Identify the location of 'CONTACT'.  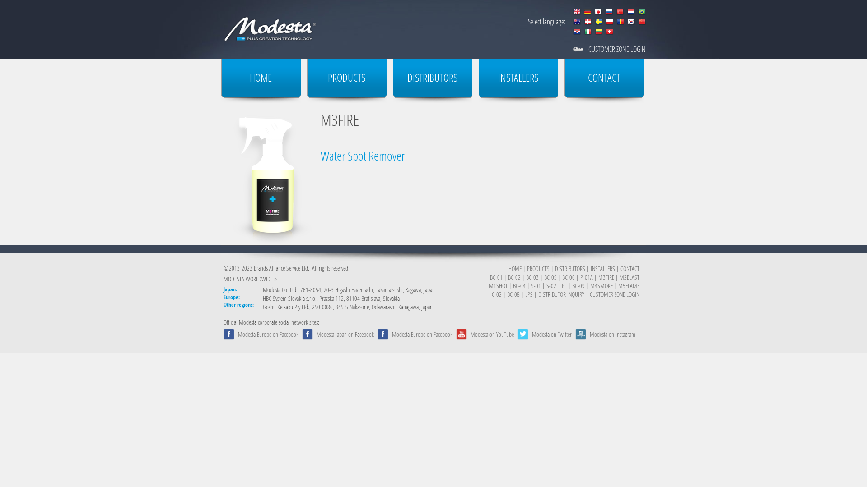
(620, 268).